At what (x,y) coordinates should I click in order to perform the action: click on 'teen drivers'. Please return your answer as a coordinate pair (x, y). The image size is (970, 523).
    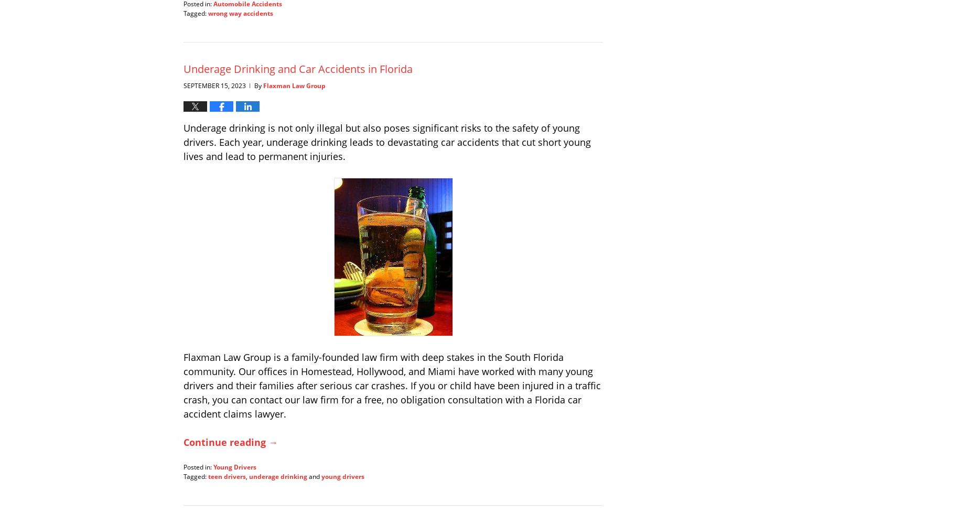
    Looking at the image, I should click on (227, 476).